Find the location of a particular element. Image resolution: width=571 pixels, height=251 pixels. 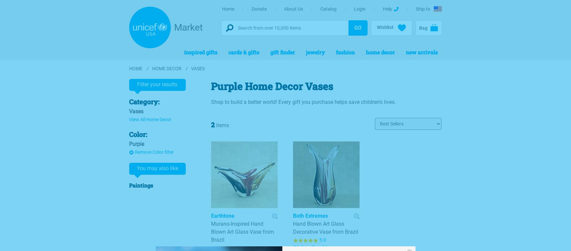

'Paintings' is located at coordinates (141, 185).